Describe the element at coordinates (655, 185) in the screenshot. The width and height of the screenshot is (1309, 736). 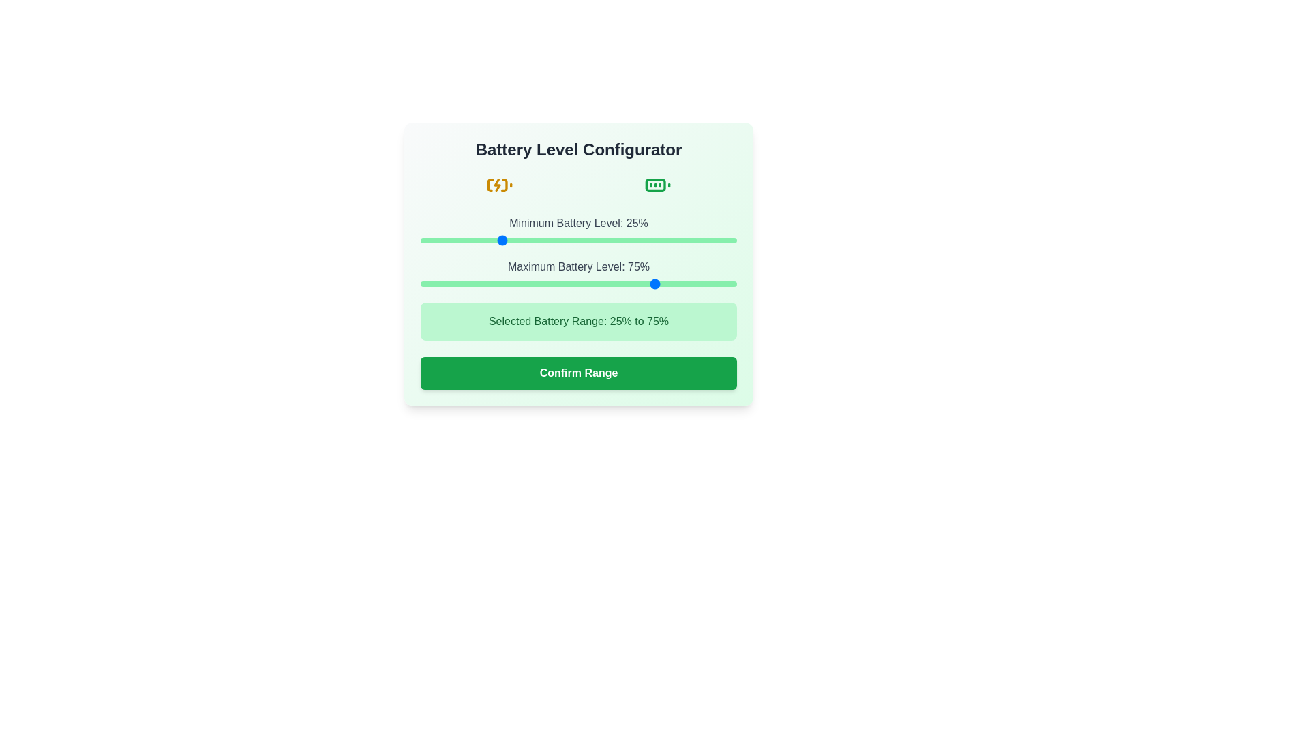
I see `the graphical representation of the fully charged battery, specifically the central rectangle within the battery icon located on the right-hand side near the top of the interface` at that location.